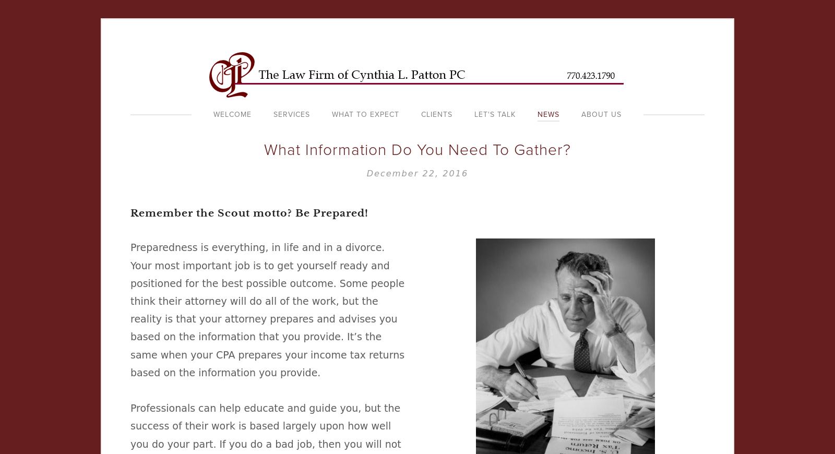  I want to click on 'Remember the Scout motto? Be Prepared!', so click(248, 212).